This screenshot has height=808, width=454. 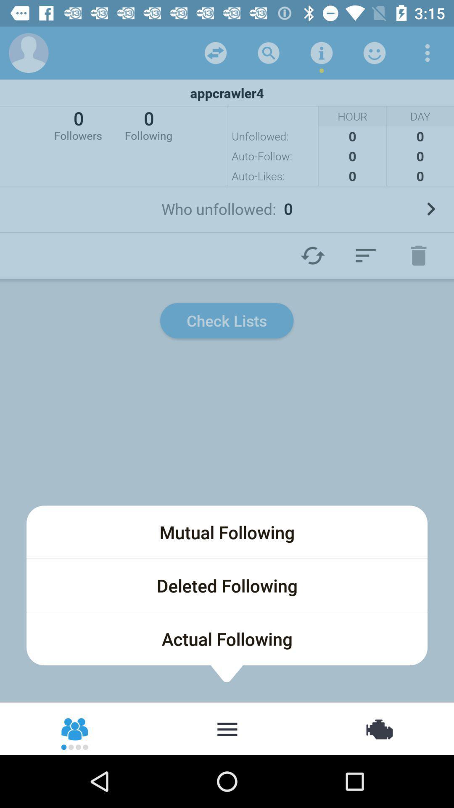 What do you see at coordinates (75, 728) in the screenshot?
I see `friends list` at bounding box center [75, 728].